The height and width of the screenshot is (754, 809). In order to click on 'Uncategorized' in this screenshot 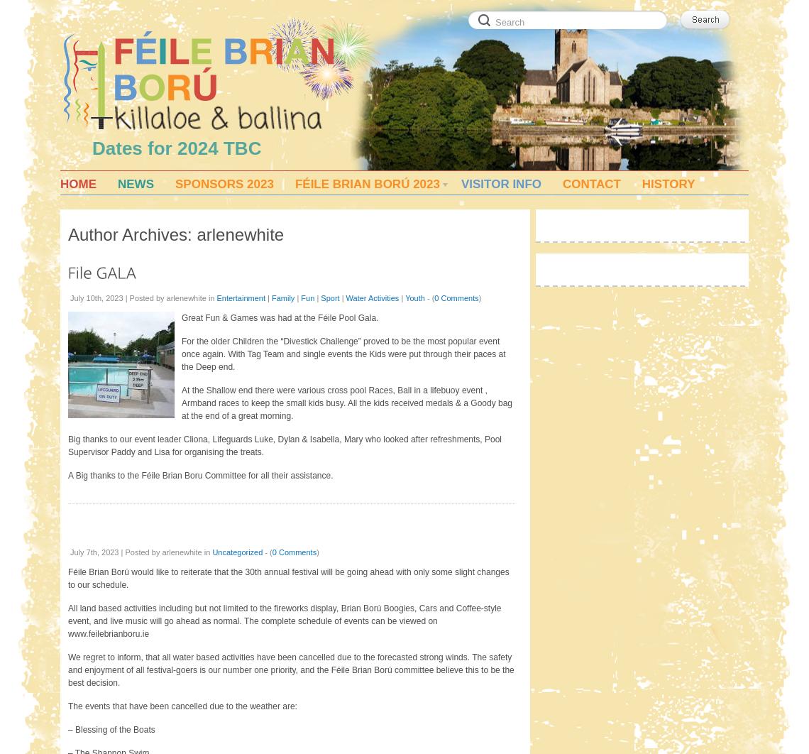, I will do `click(212, 552)`.